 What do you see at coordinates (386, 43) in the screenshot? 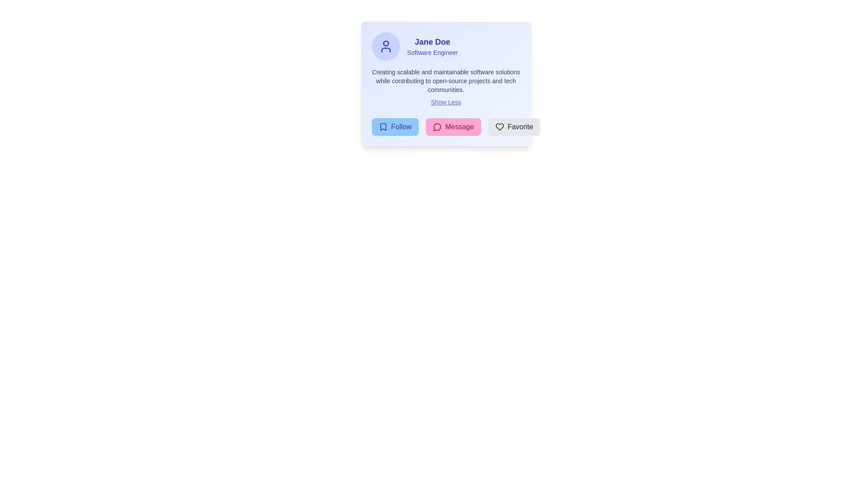
I see `the graphical element representing the head of the user icon, which is a circle within an SVG, located near the upper-left side of the profile card` at bounding box center [386, 43].